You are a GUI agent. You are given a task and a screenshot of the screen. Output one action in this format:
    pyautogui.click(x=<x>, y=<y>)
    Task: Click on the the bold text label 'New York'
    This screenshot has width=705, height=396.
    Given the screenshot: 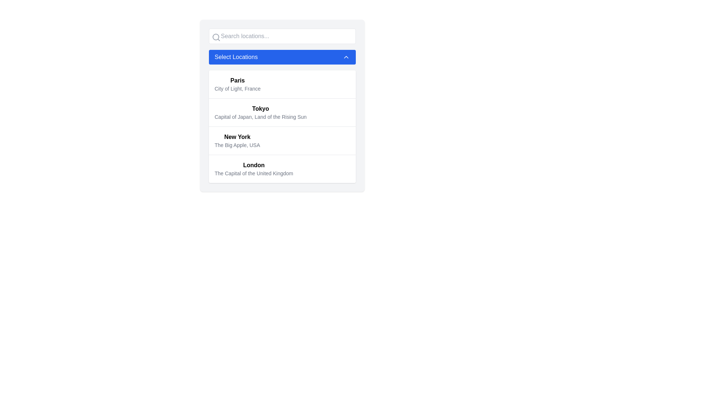 What is the action you would take?
    pyautogui.click(x=237, y=137)
    